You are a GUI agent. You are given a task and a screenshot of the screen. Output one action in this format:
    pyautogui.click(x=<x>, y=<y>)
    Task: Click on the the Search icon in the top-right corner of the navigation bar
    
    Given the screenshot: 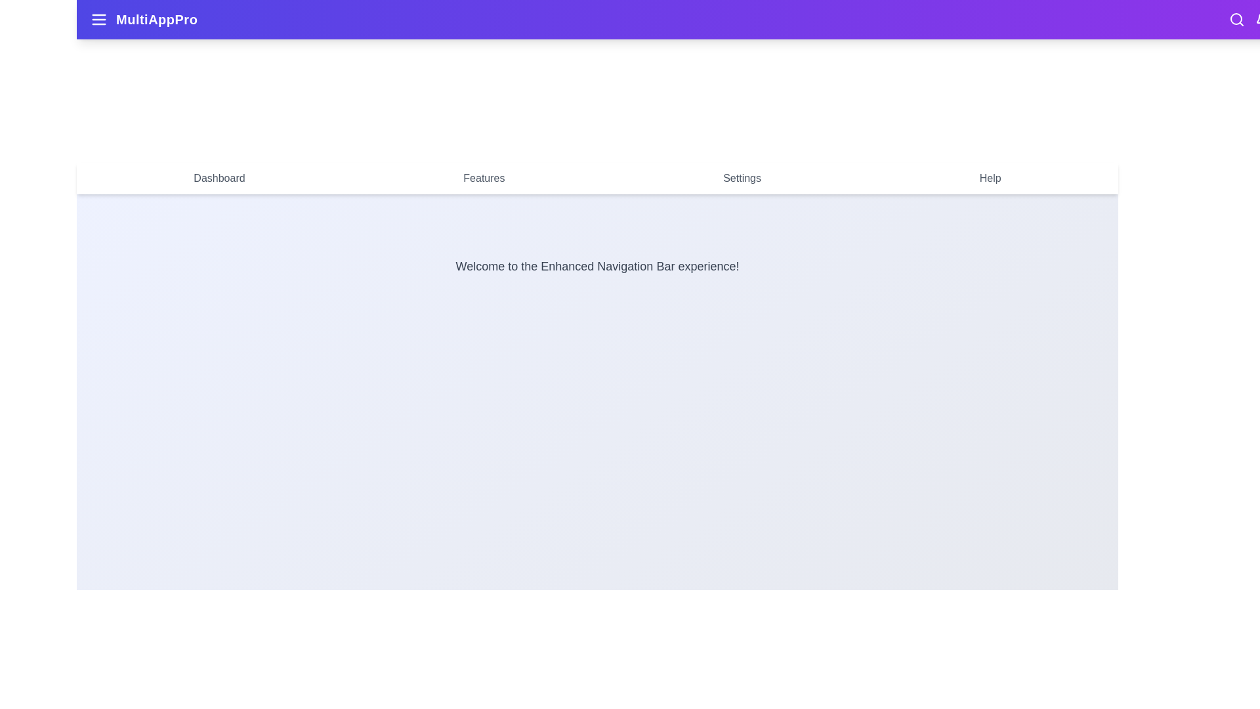 What is the action you would take?
    pyautogui.click(x=1236, y=20)
    